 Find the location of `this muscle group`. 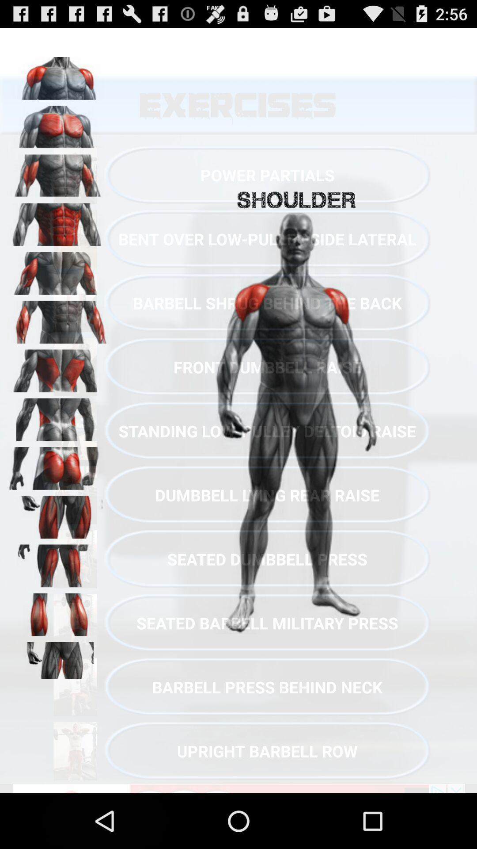

this muscle group is located at coordinates (58, 660).